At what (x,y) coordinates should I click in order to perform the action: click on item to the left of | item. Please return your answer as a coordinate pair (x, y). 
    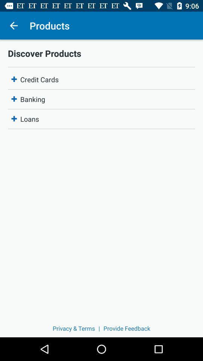
    Looking at the image, I should click on (74, 328).